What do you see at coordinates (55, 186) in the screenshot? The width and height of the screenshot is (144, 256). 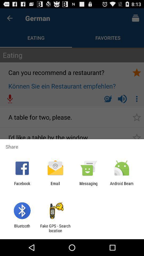 I see `the icon to the right of the facebook app` at bounding box center [55, 186].